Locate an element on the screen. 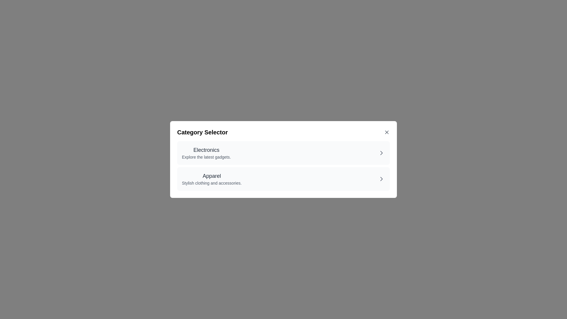 Image resolution: width=567 pixels, height=319 pixels. text label 'Stylish clothing and accessories.' located below the 'Apparel' header in the 'Category Selector' section is located at coordinates (212, 183).